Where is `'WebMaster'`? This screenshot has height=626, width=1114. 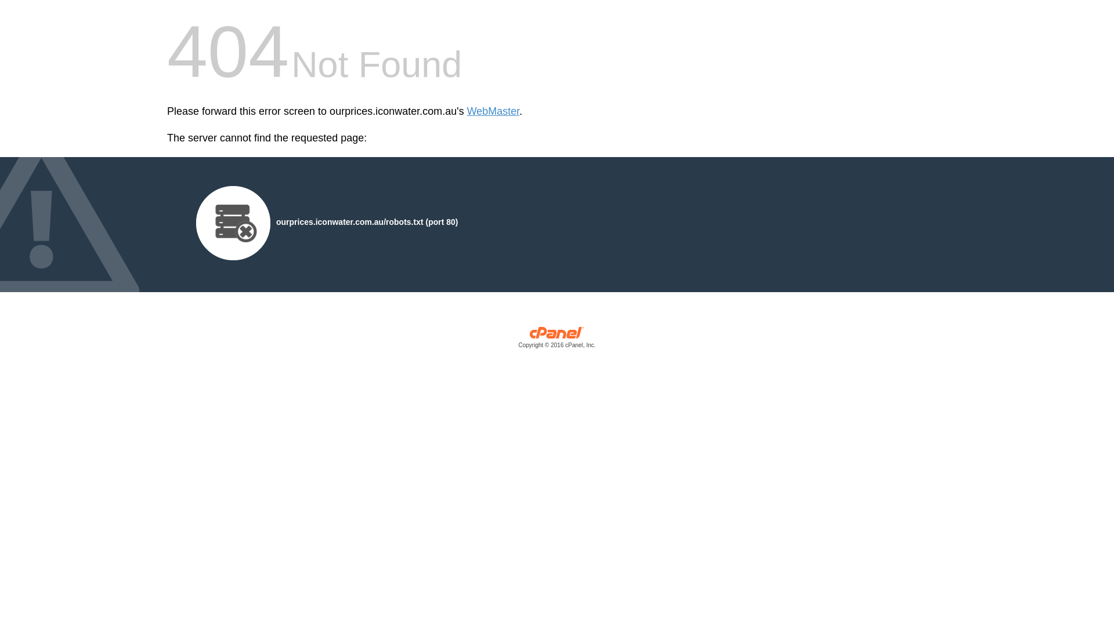
'WebMaster' is located at coordinates (493, 111).